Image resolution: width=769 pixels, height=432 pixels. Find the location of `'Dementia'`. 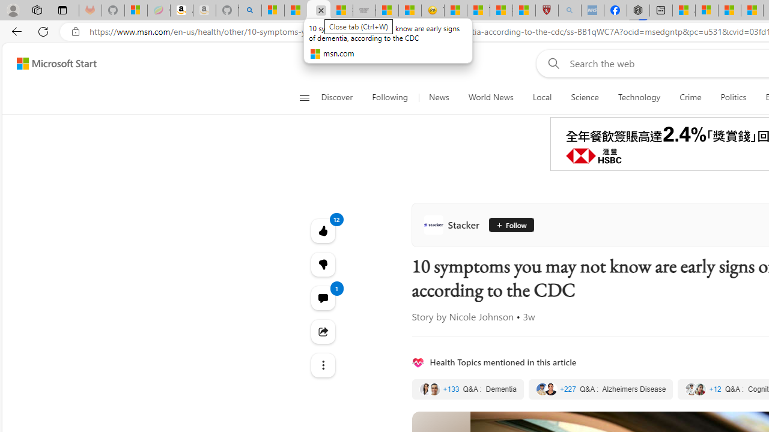

'Dementia' is located at coordinates (467, 389).